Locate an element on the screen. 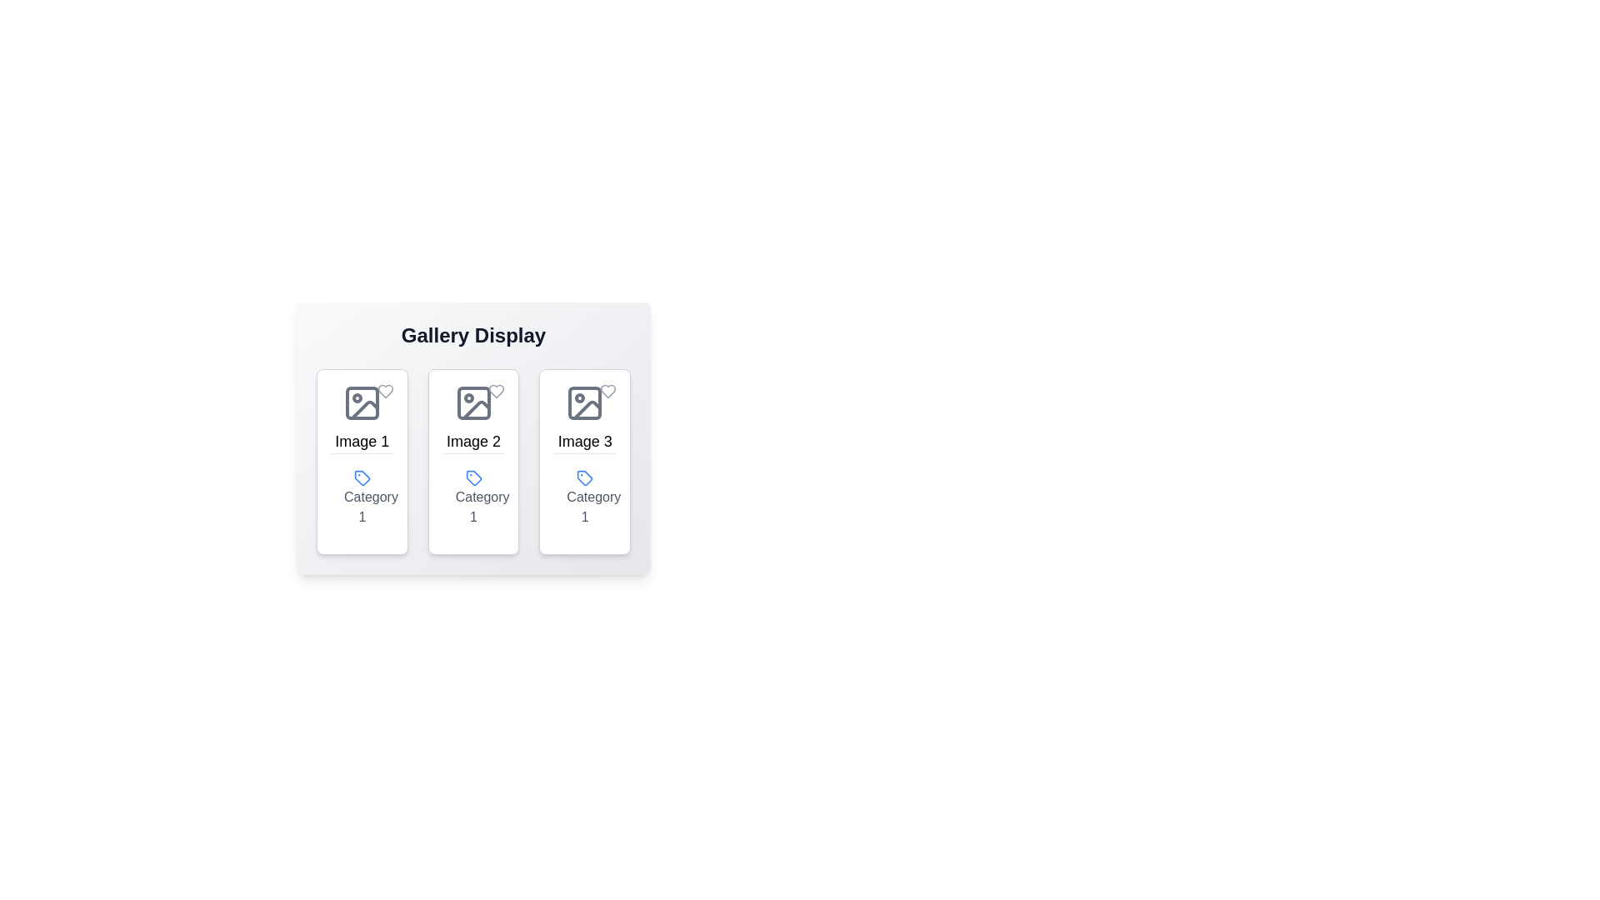 The image size is (1600, 900). the heart-shaped icon with a gray outline located at the top-right corner of the card titled 'Image 3' under the 'Gallery Display' heading is located at coordinates (607, 392).